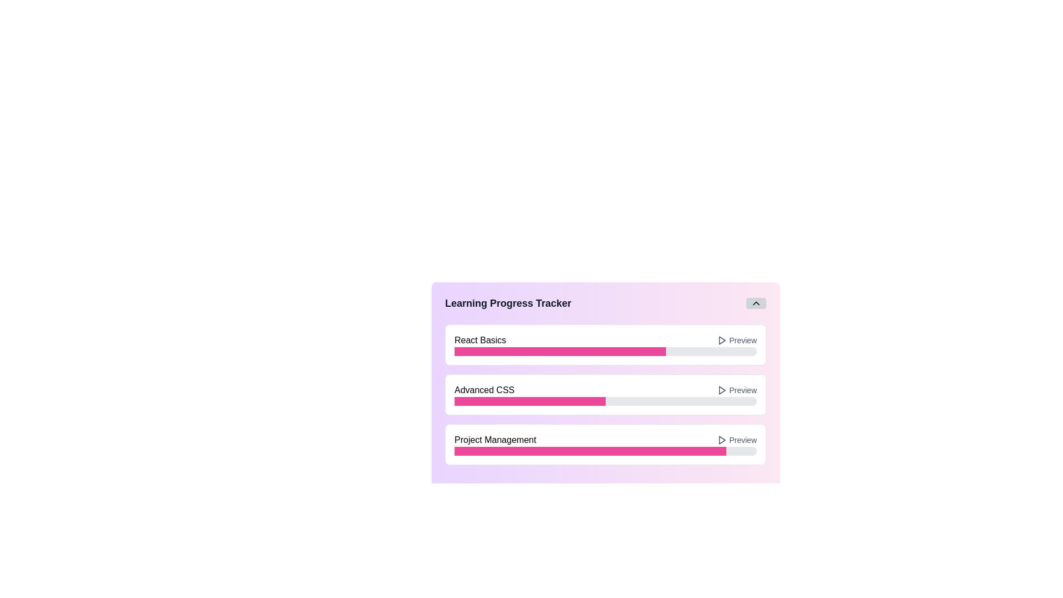 The width and height of the screenshot is (1063, 598). Describe the element at coordinates (722, 390) in the screenshot. I see `the triangular-shaped play icon button adjacent to the 'Preview' label` at that location.